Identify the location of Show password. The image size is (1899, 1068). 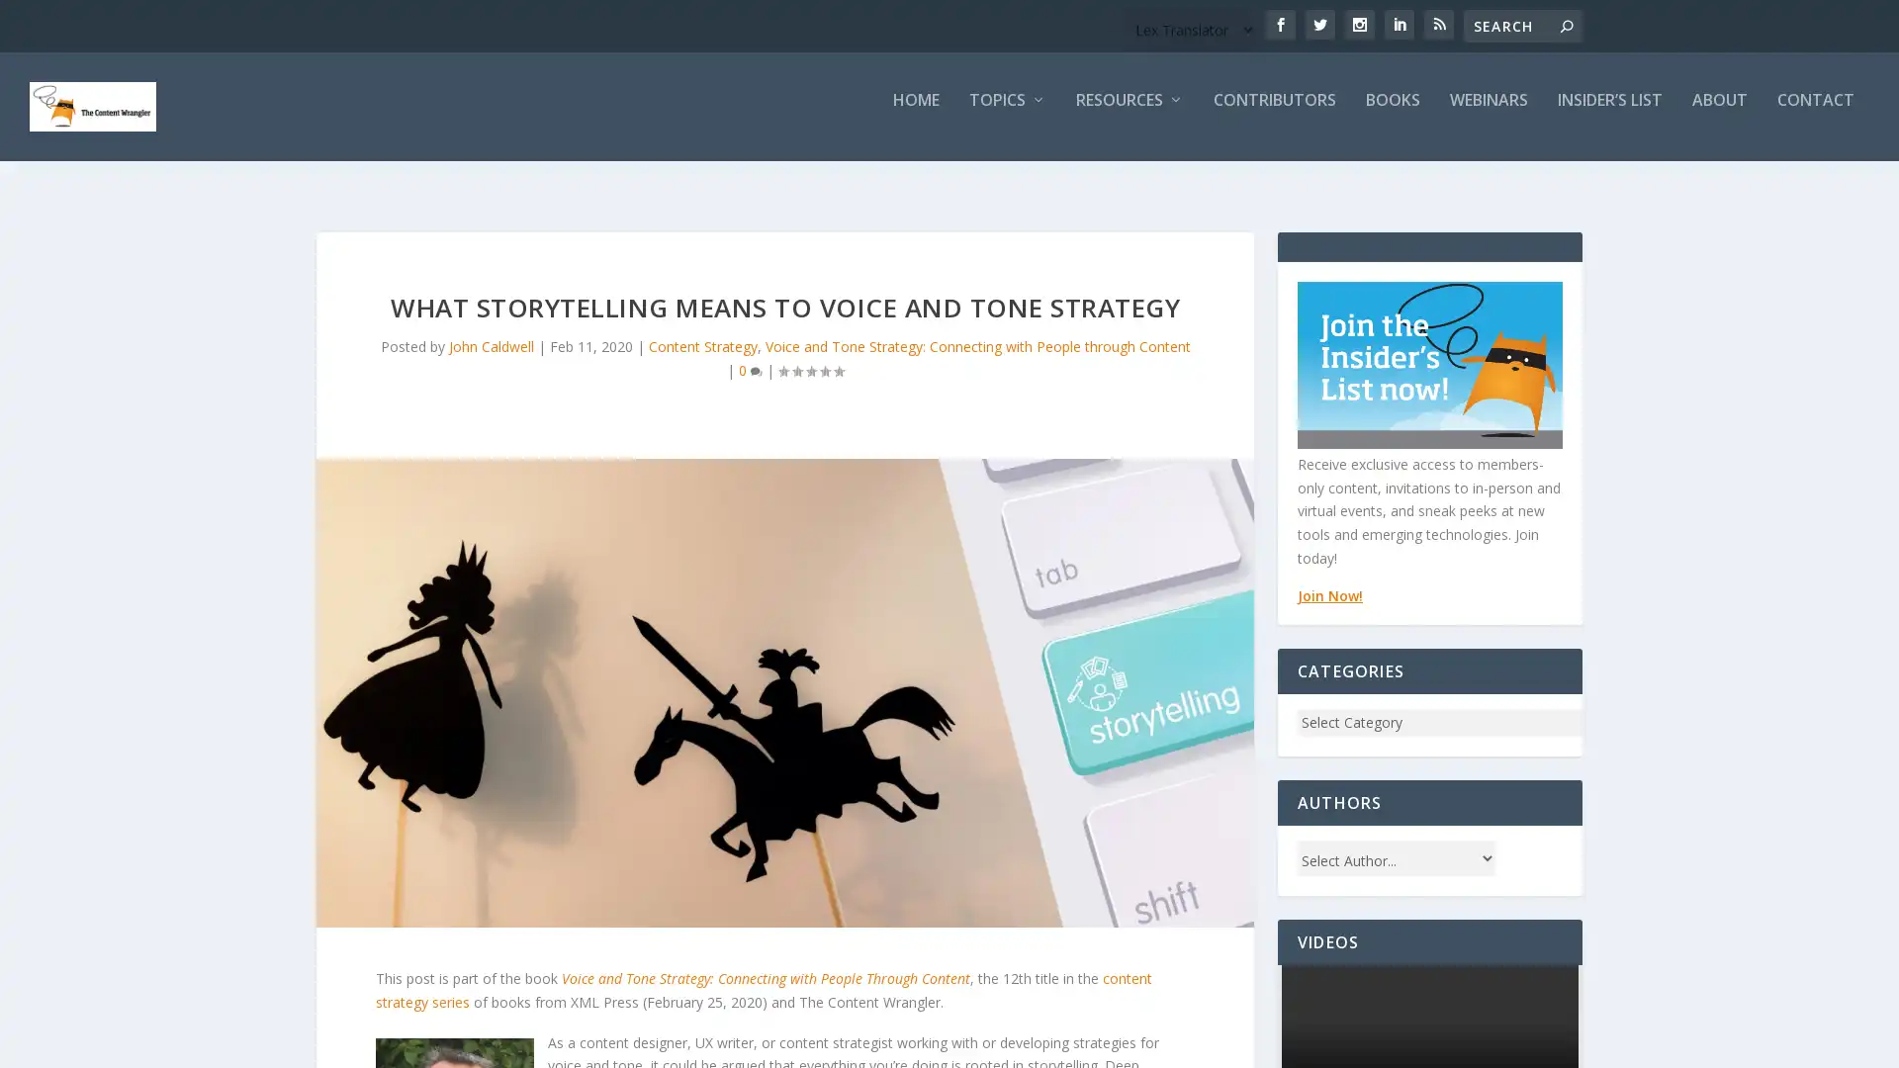
(397, 576).